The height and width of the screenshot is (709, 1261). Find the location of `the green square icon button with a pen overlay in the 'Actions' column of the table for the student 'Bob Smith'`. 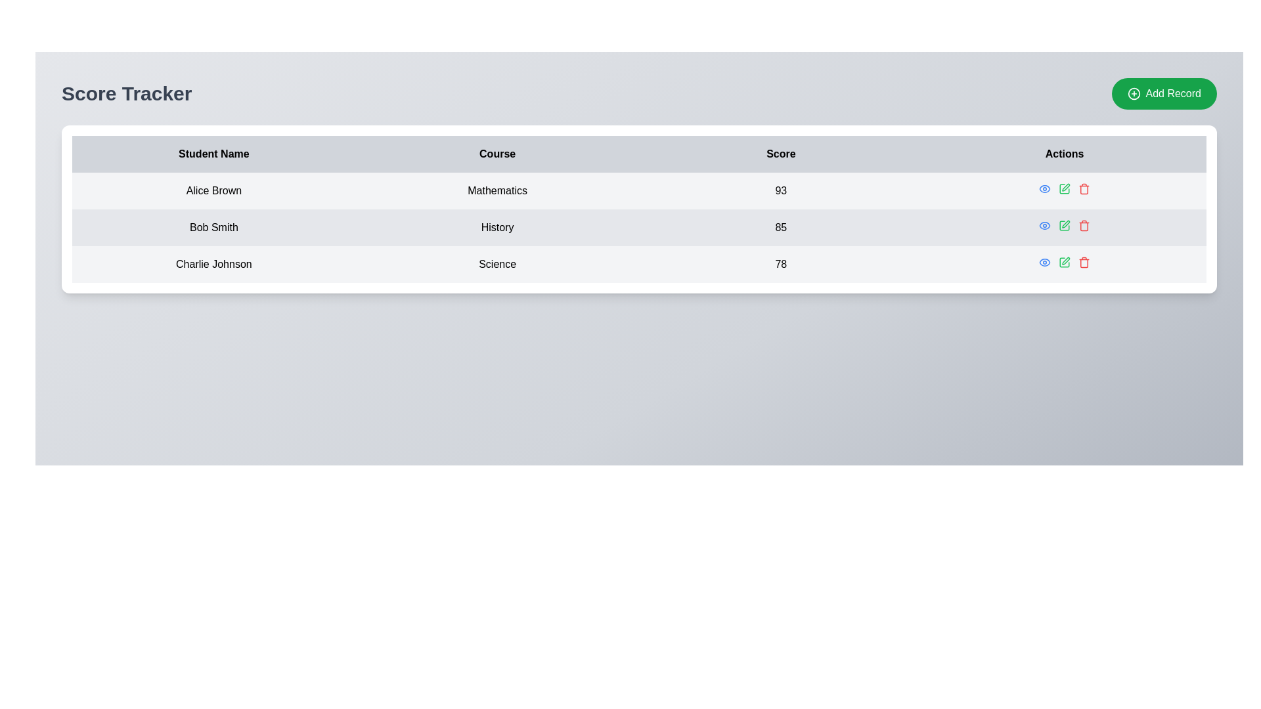

the green square icon button with a pen overlay in the 'Actions' column of the table for the student 'Bob Smith' is located at coordinates (1065, 189).